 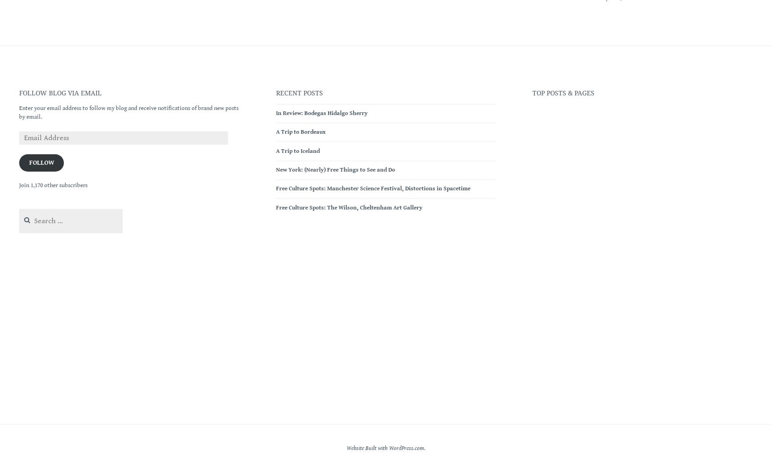 What do you see at coordinates (424, 447) in the screenshot?
I see `'.'` at bounding box center [424, 447].